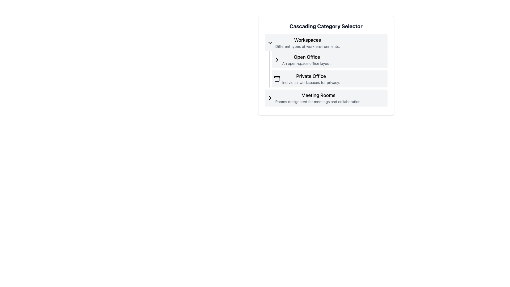  I want to click on the collapsible header labeled 'Workspaces' with a downward-pointing chevron icon to focus on it, so click(326, 43).